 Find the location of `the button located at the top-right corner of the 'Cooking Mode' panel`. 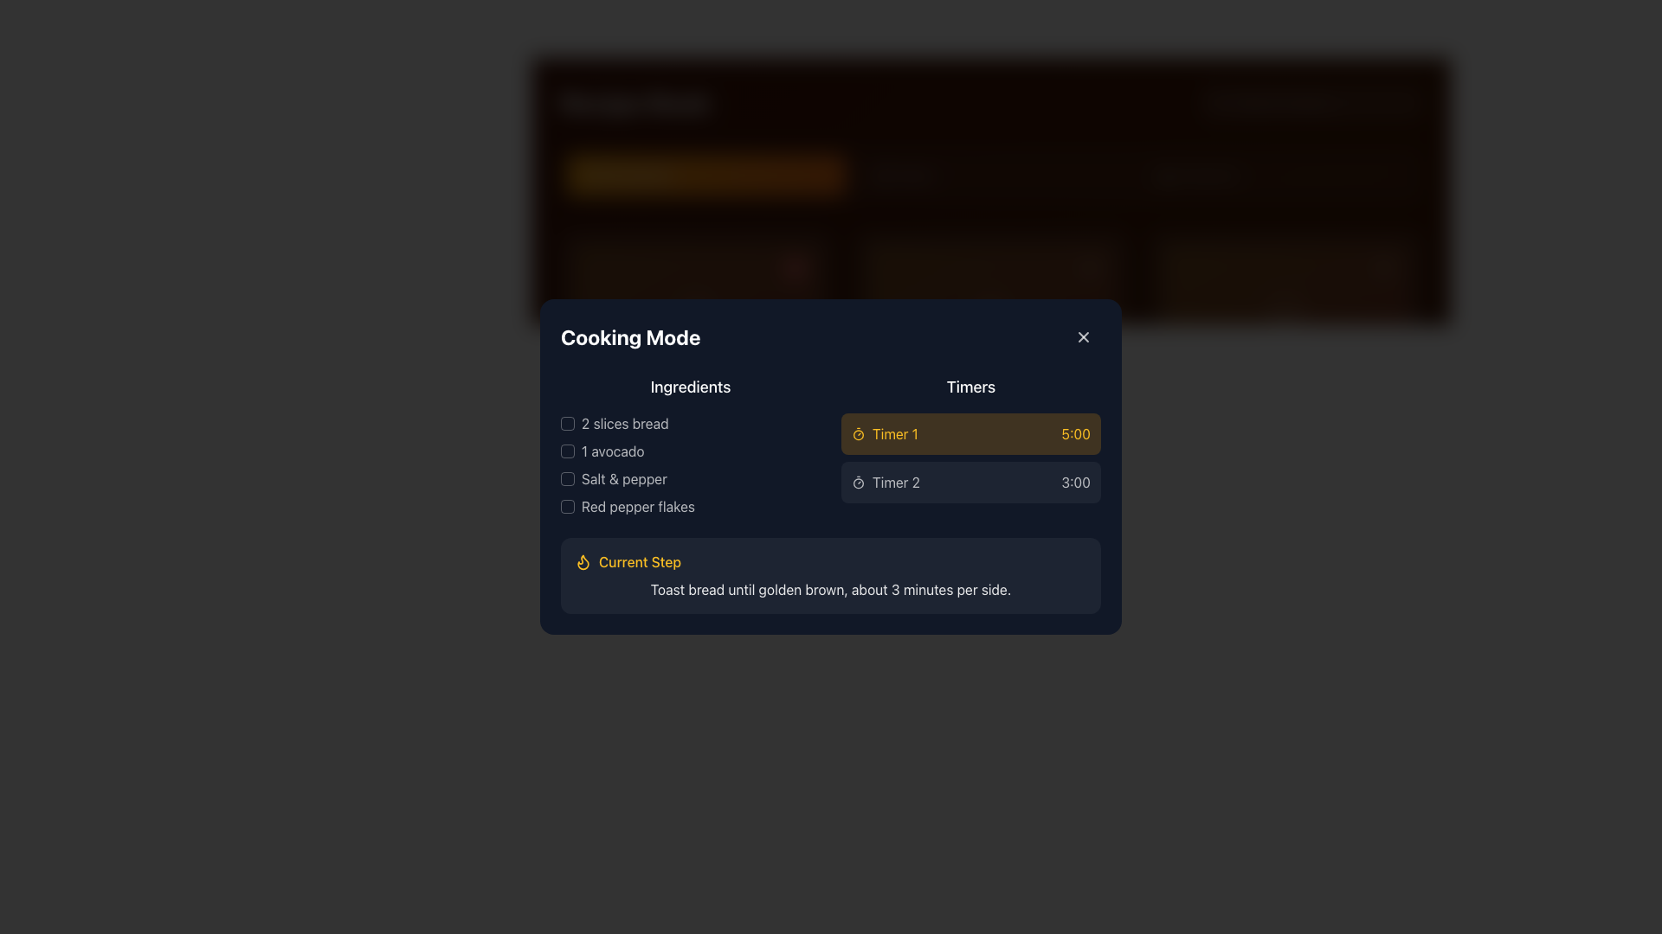

the button located at the top-right corner of the 'Cooking Mode' panel is located at coordinates (1083, 336).